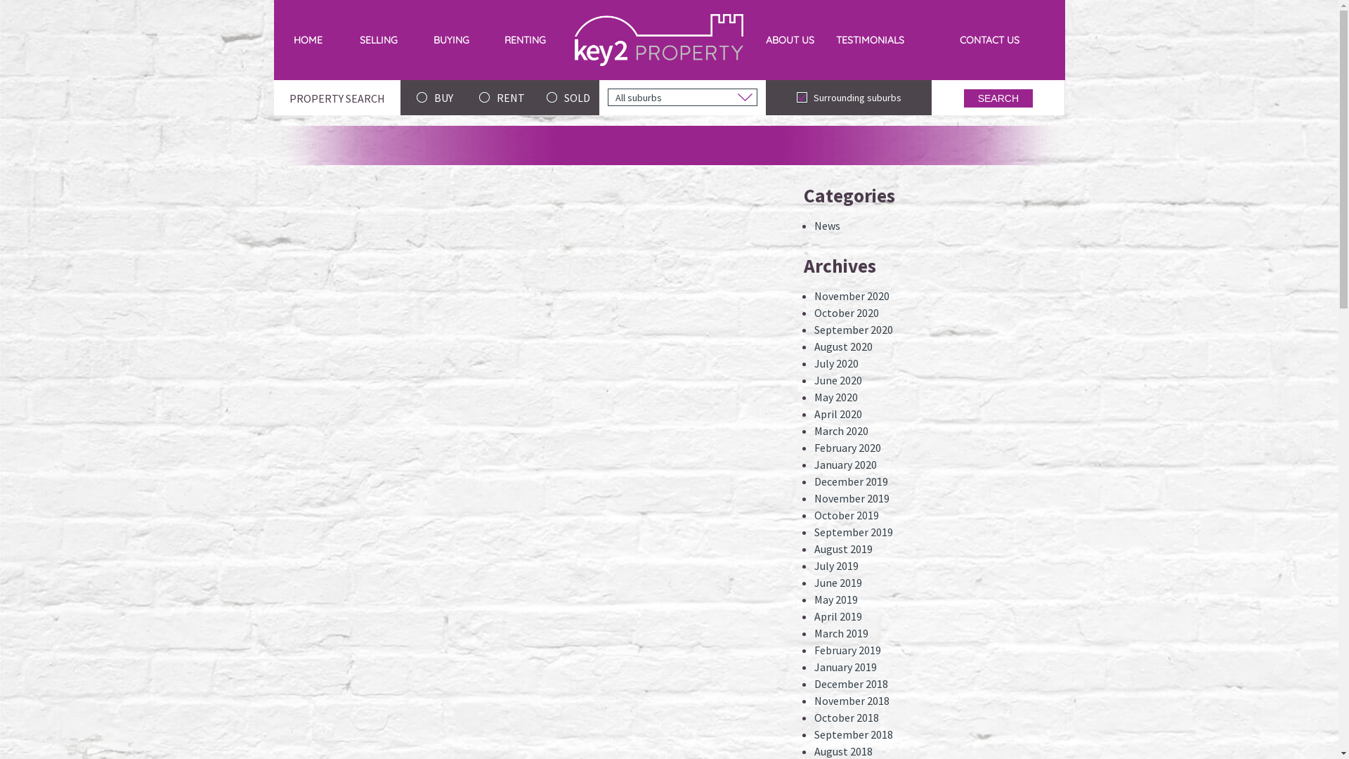 The image size is (1349, 759). Describe the element at coordinates (814, 447) in the screenshot. I see `'February 2020'` at that location.